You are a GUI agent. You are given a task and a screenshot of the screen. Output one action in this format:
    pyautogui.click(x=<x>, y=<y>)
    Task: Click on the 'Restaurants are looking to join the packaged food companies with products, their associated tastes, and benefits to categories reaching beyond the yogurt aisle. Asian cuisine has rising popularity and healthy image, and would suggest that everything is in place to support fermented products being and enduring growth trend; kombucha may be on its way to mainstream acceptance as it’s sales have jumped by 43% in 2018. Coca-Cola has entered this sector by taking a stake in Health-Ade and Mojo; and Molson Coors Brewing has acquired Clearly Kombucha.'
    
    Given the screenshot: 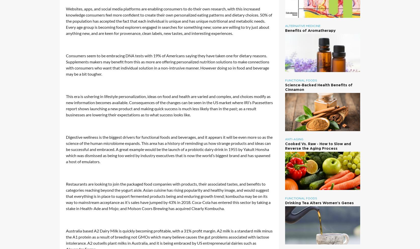 What is the action you would take?
    pyautogui.click(x=168, y=196)
    